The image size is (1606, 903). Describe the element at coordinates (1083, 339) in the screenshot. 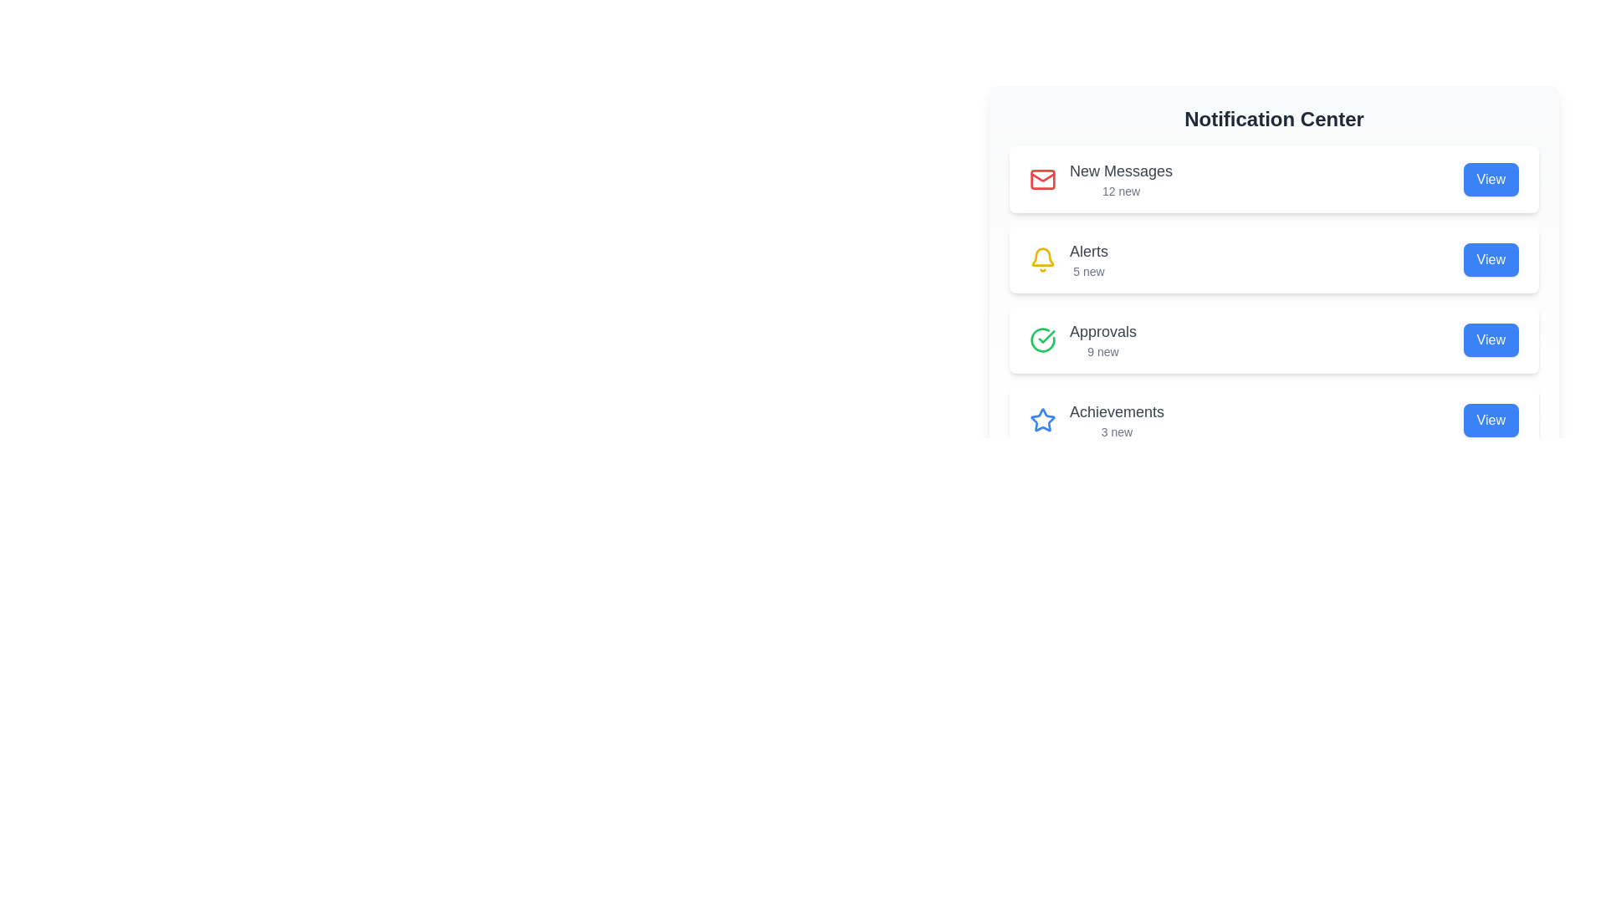

I see `the 'Approvals' label with the green checkmark icon` at that location.